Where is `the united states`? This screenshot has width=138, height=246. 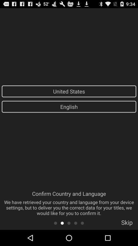 the united states is located at coordinates (69, 91).